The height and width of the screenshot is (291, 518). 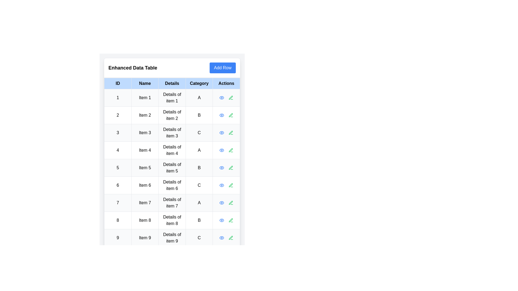 I want to click on the green pen icon button in the 'Actions' column of the table for 'Item 7', so click(x=231, y=203).